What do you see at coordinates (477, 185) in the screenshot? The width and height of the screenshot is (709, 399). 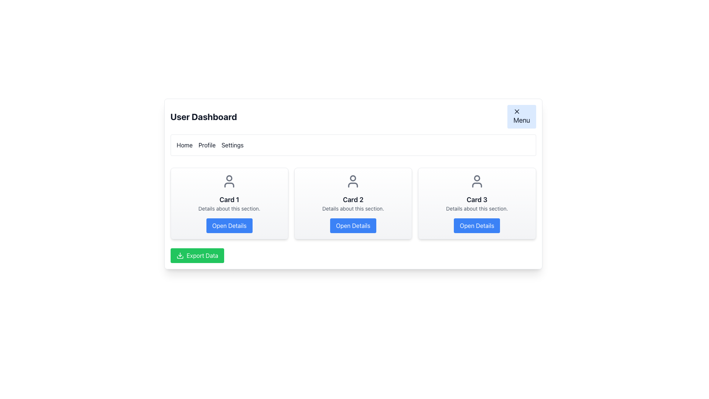 I see `the lower part of the user icon located in the third card of a three-card layout` at bounding box center [477, 185].